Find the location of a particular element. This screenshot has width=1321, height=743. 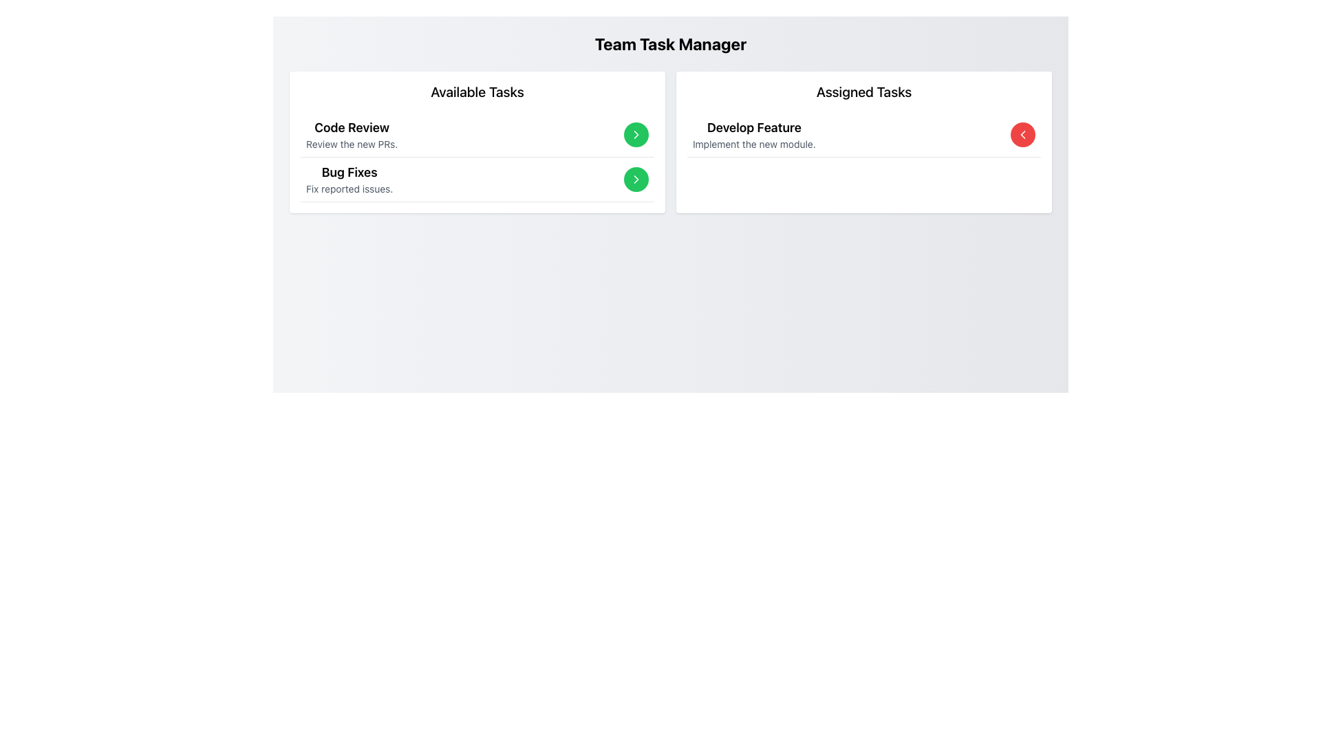

bold text label displaying 'Code Review', which is the topmost element in the left panel under 'Available Tasks' in the 'Team Task Manager' interface is located at coordinates (352, 127).